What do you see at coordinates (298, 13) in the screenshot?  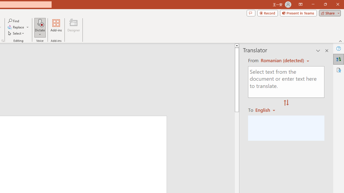 I see `'Present in Teams'` at bounding box center [298, 13].